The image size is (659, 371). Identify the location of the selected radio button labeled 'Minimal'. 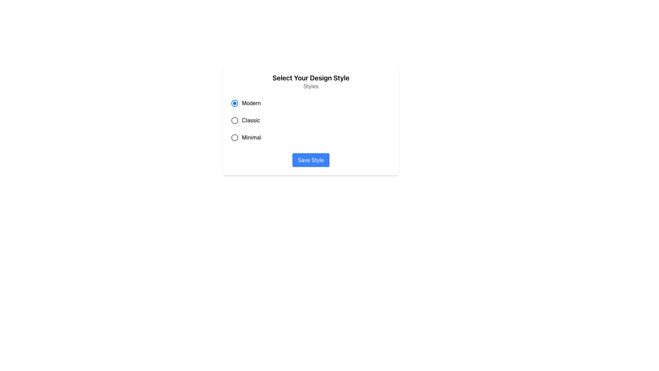
(235, 138).